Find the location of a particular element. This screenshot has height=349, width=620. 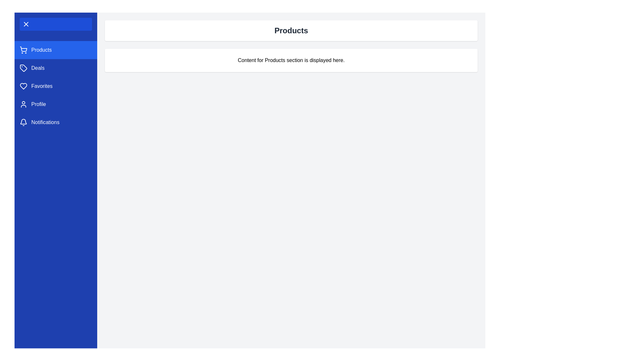

the 'Profile' icon in the navigation column, which is located between the 'Favorites' and 'Notifications' icons is located at coordinates (23, 104).